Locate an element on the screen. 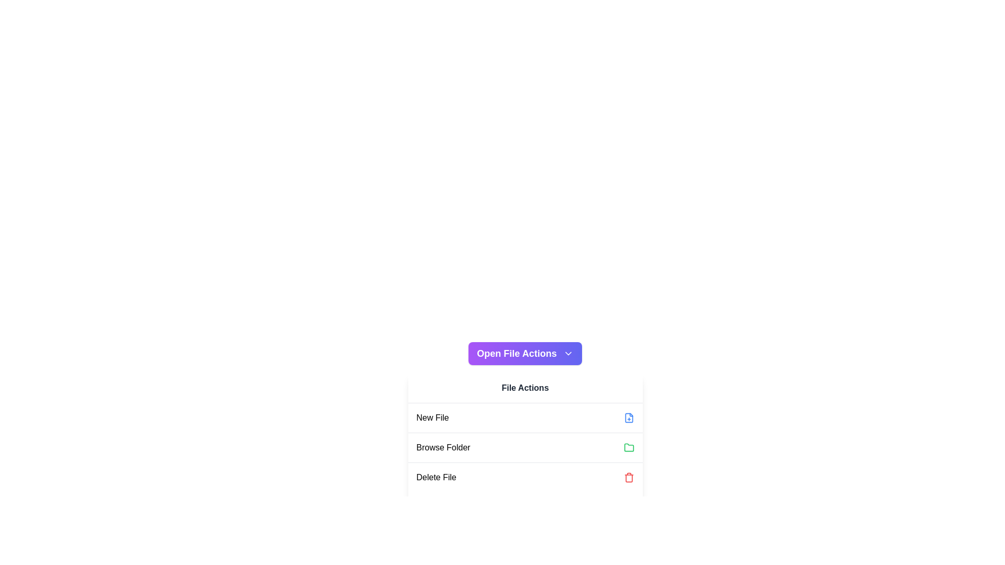  the 'File Actions' heading located at the top of the modal panel, which is styled with bold dark-gray text on a white background is located at coordinates (525, 388).